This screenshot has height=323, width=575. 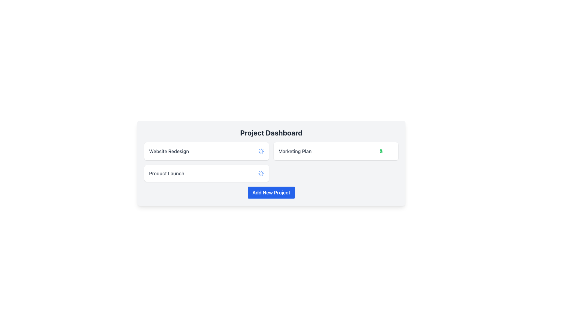 What do you see at coordinates (295, 151) in the screenshot?
I see `the 'Marketing Plan' text label, which is displayed in gray within a white card on the dashboard interface` at bounding box center [295, 151].